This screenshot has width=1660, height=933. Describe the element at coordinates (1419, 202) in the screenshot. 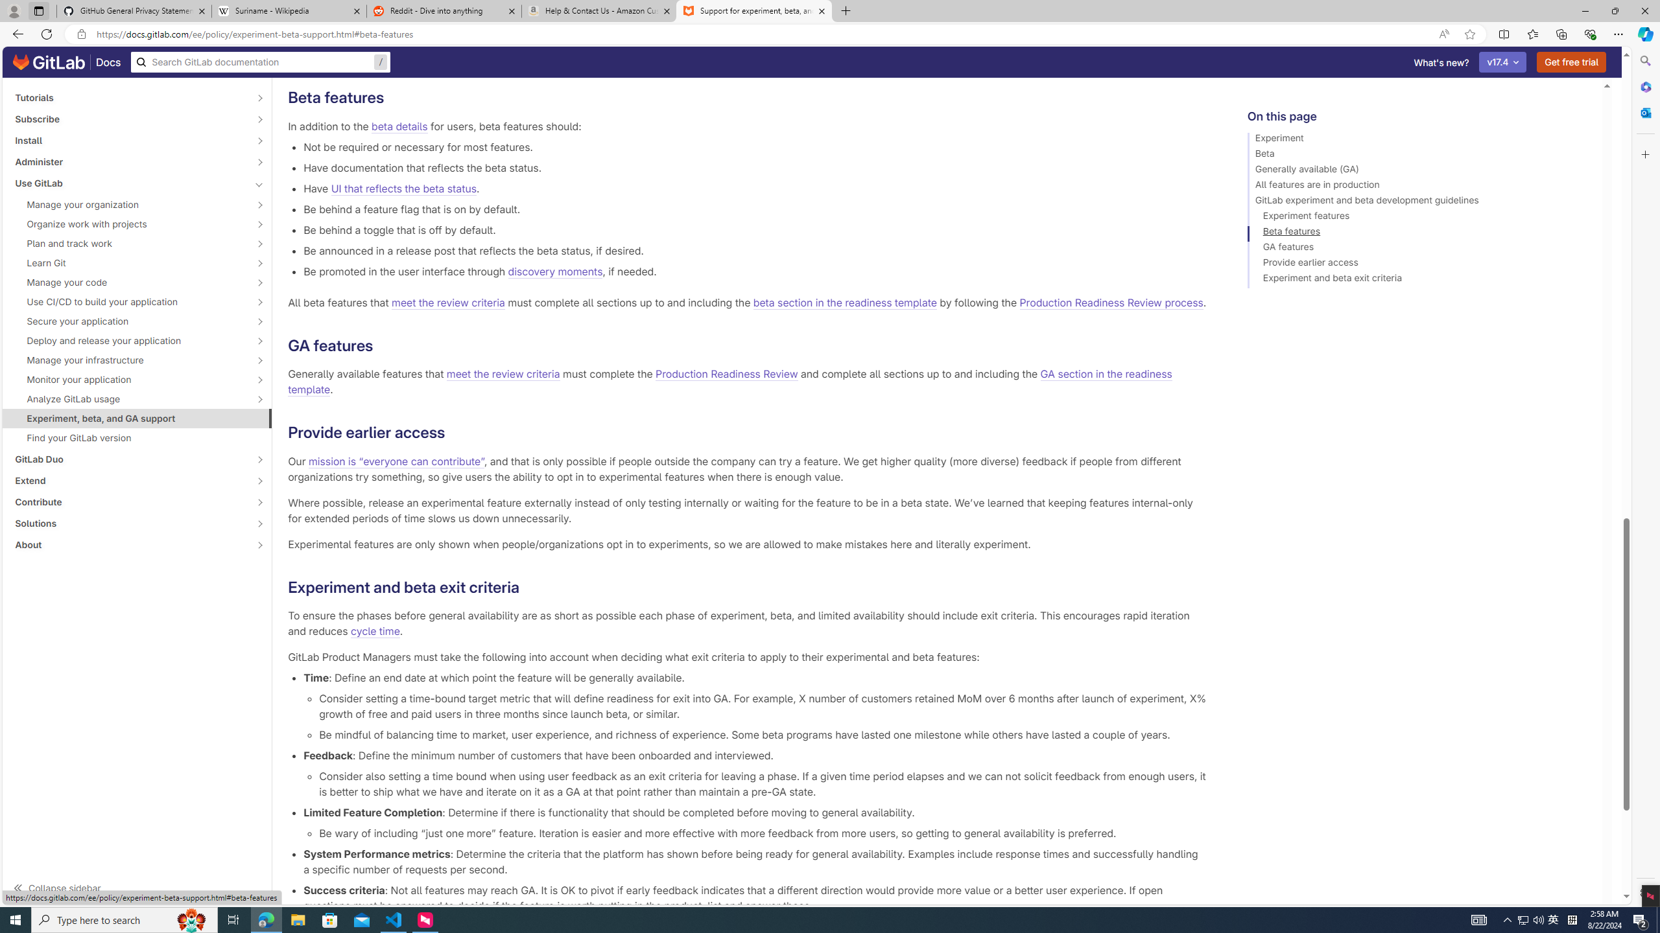

I see `'GitLab experiment and beta development guidelines'` at that location.